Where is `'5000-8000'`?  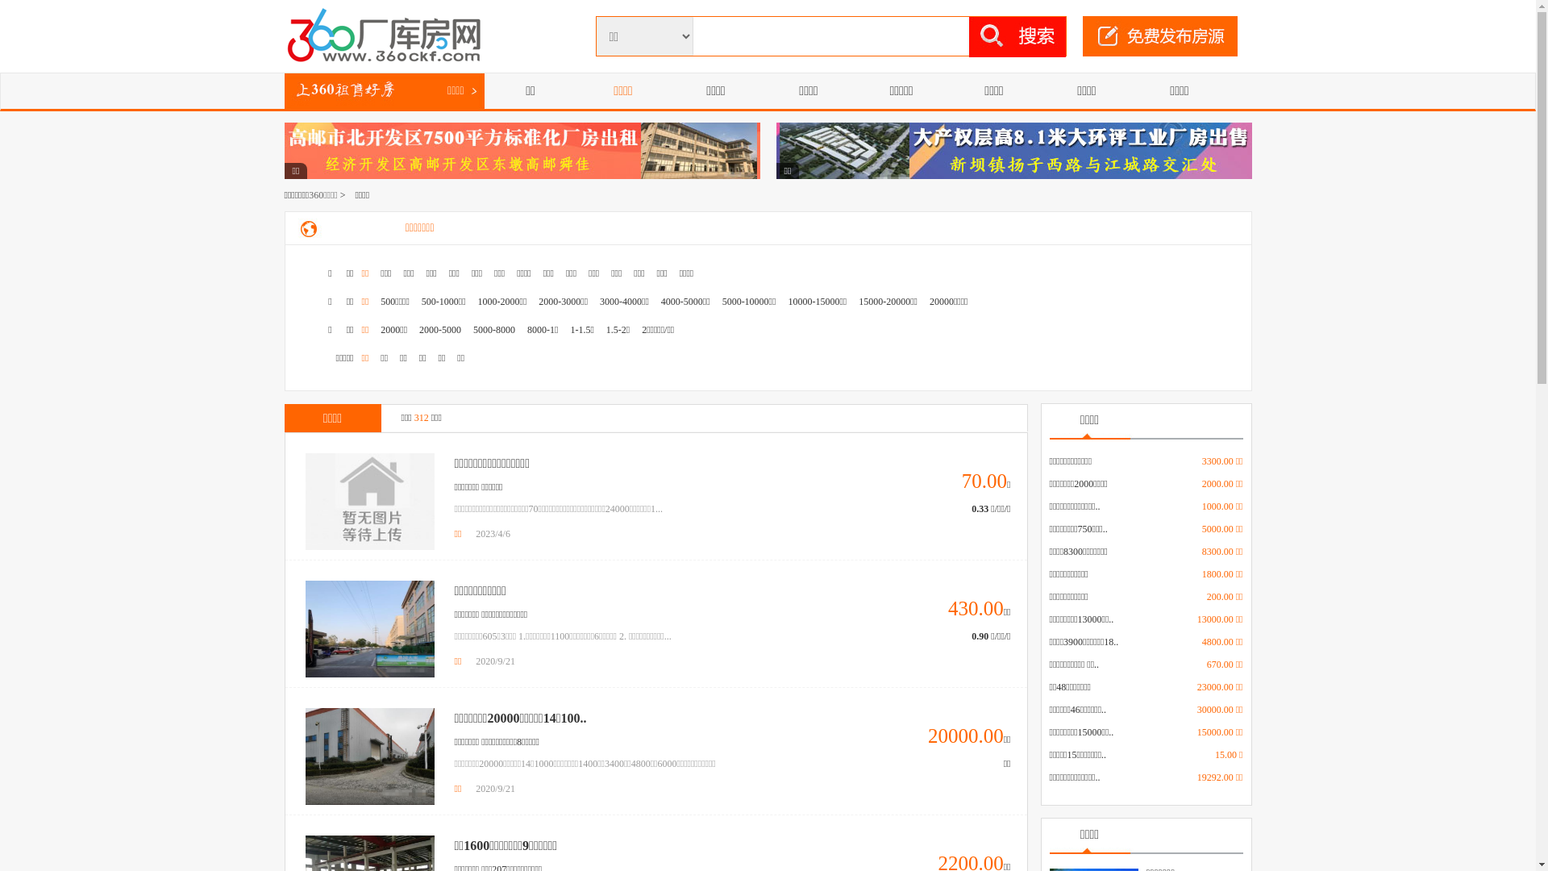 '5000-8000' is located at coordinates (493, 328).